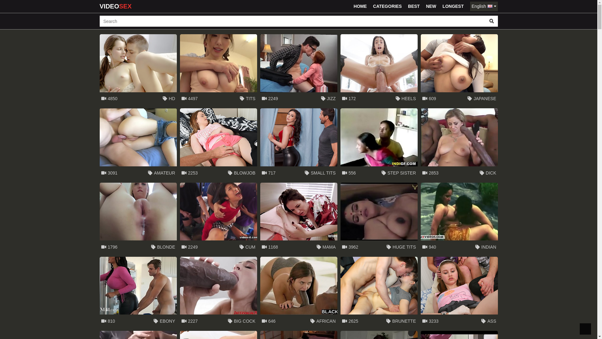 This screenshot has height=339, width=602. I want to click on '4850, so click(138, 70).